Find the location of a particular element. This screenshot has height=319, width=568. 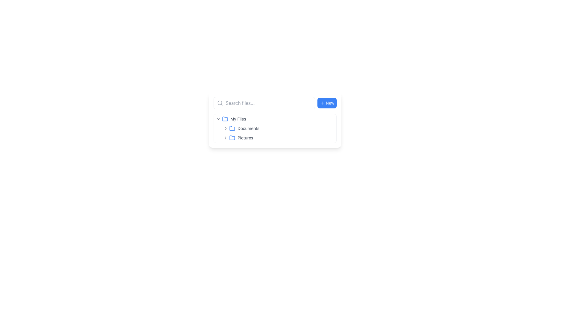

the small downward-facing chevron icon, positioned to the left of the label 'My Files' is located at coordinates (218, 119).